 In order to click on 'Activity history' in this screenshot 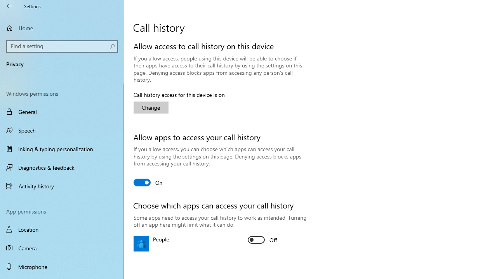, I will do `click(62, 186)`.